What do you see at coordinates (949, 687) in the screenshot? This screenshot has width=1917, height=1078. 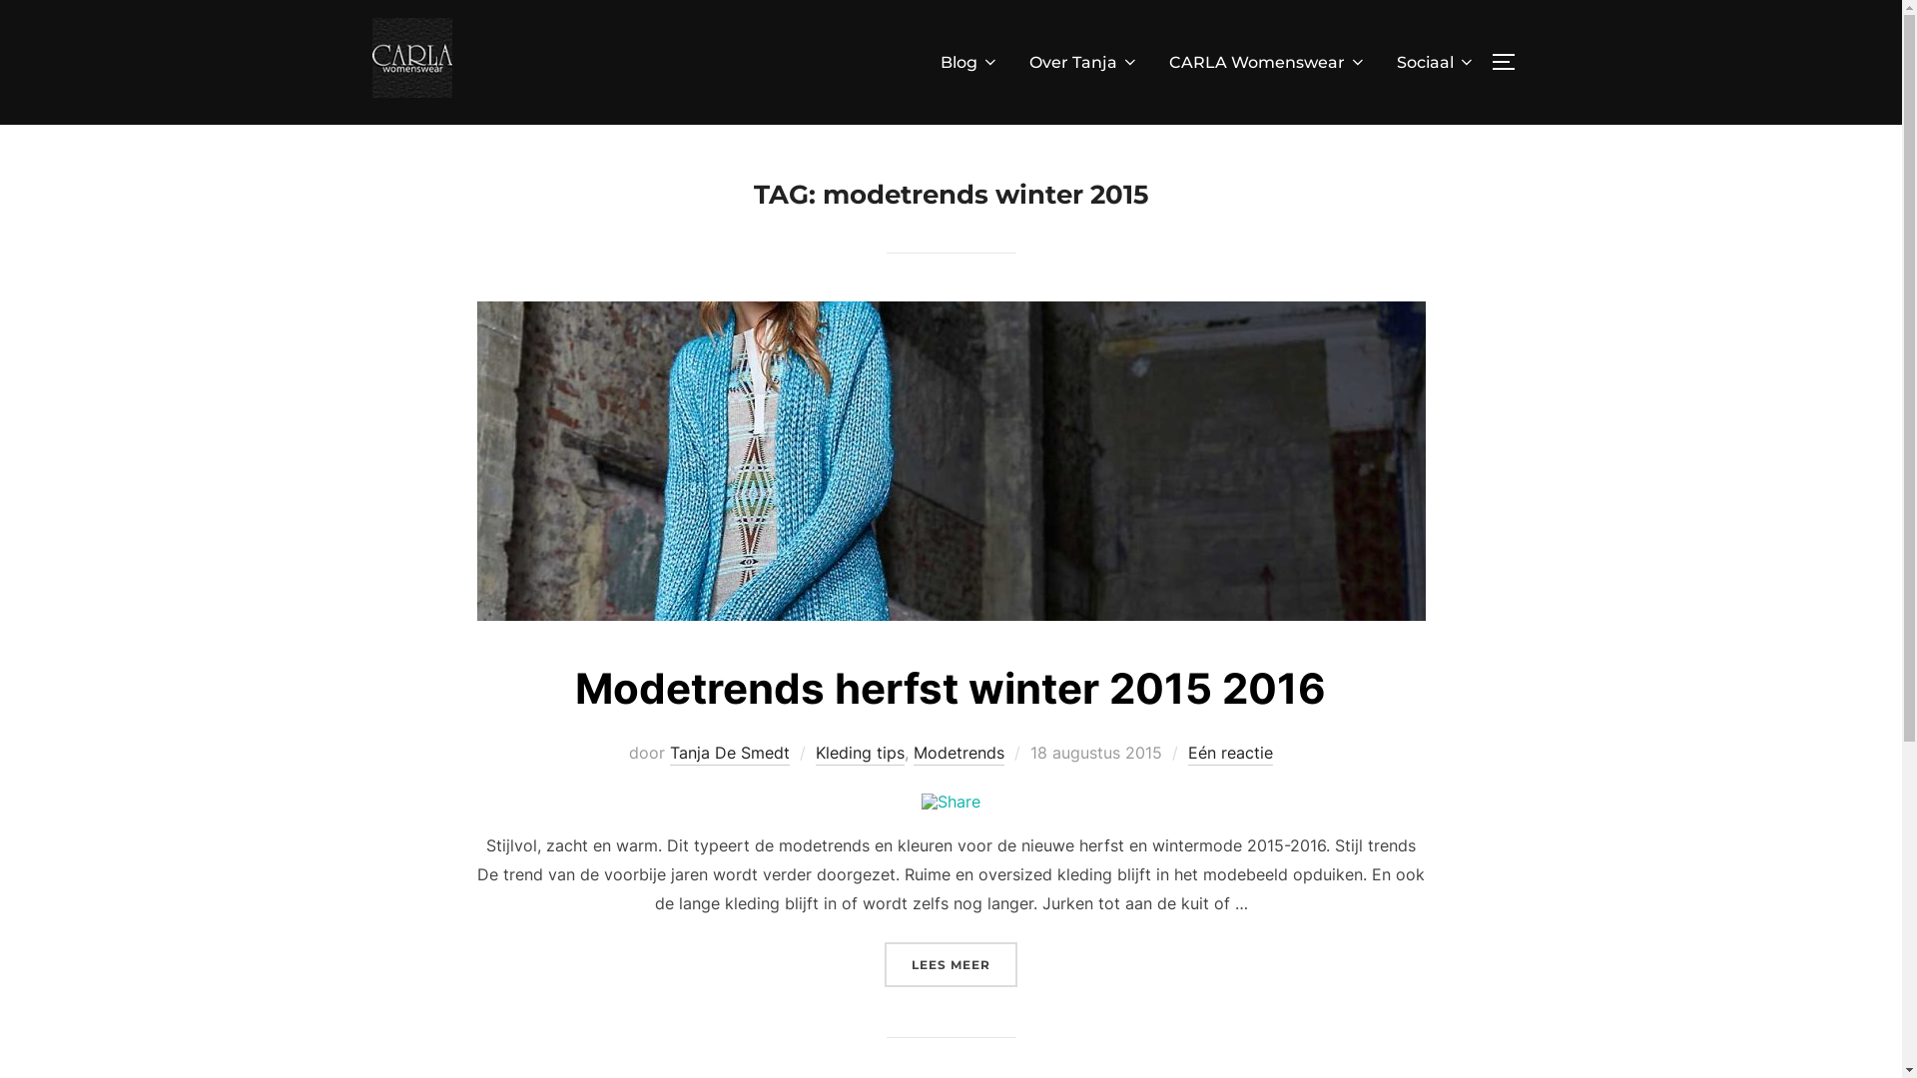 I see `'Modetrends herfst winter 2015 2016'` at bounding box center [949, 687].